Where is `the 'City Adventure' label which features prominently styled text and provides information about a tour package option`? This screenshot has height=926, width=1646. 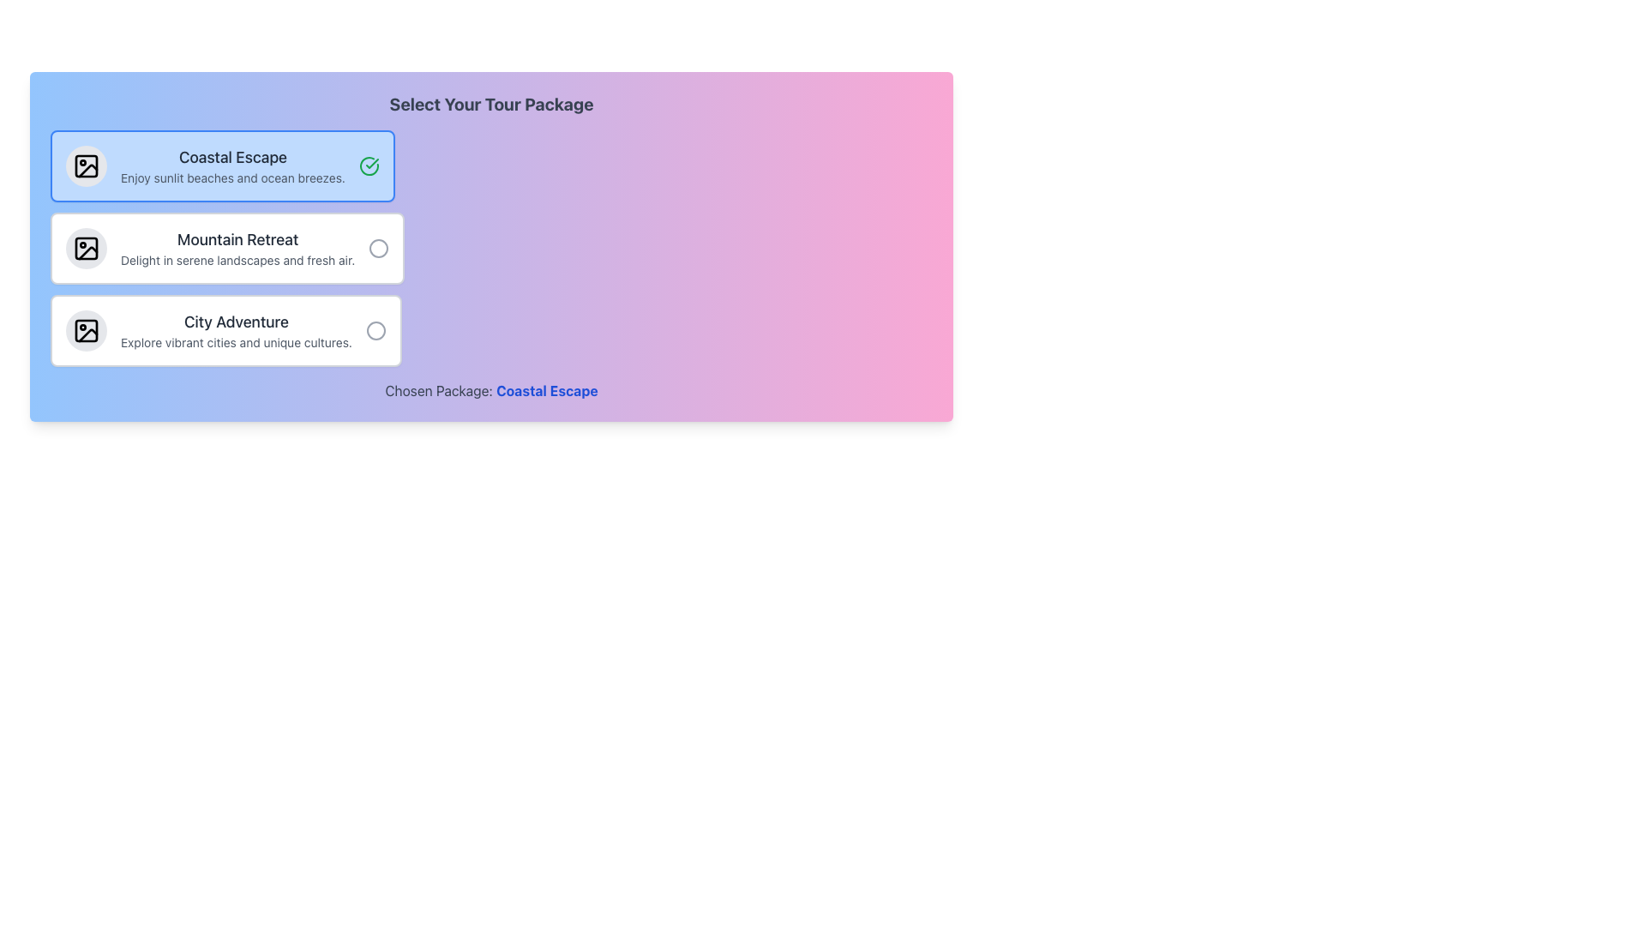
the 'City Adventure' label which features prominently styled text and provides information about a tour package option is located at coordinates (235, 330).